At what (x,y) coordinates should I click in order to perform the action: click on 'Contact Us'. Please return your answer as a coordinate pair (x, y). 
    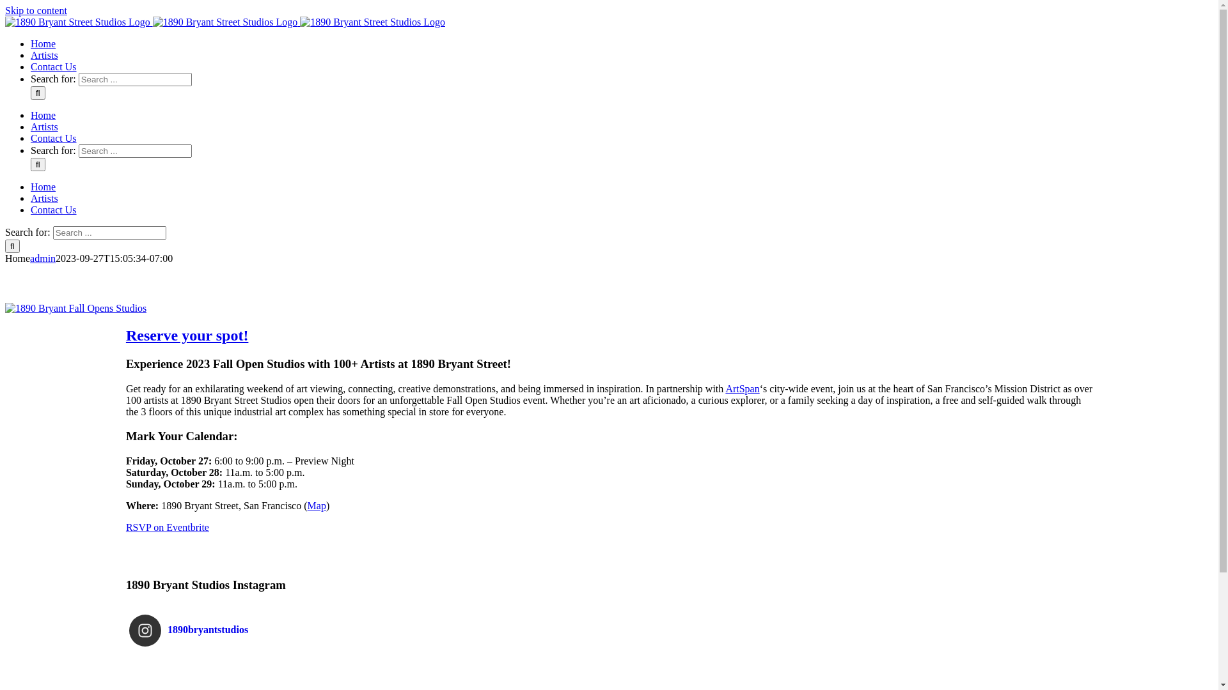
    Looking at the image, I should click on (52, 138).